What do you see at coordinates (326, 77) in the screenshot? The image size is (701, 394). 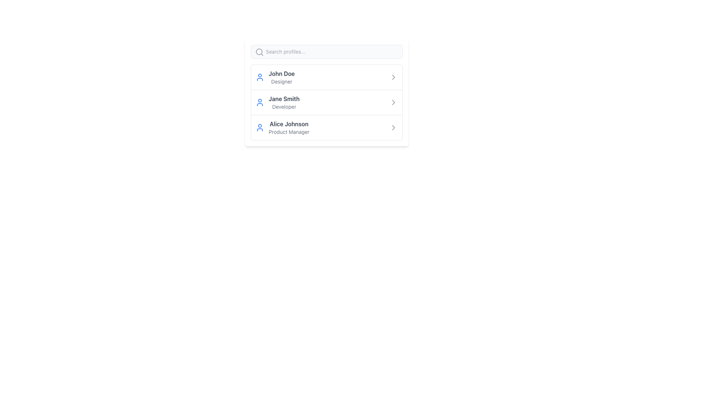 I see `the user profile entry button located at the top of the vertical list of user profiles` at bounding box center [326, 77].